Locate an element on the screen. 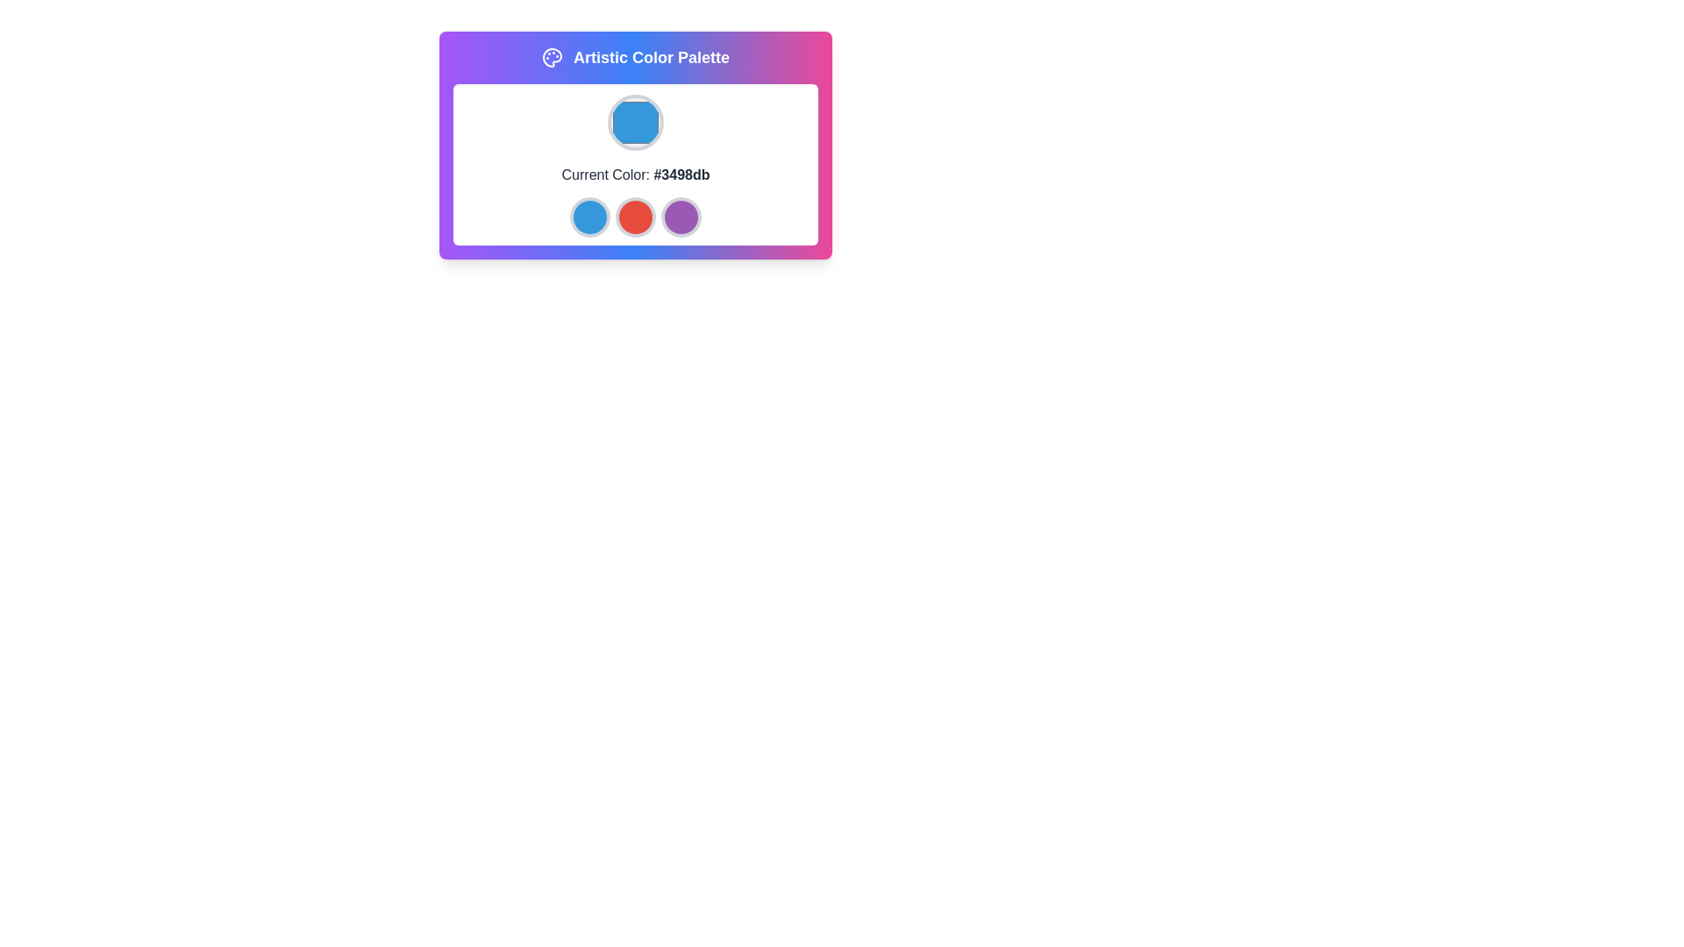 Image resolution: width=1684 pixels, height=947 pixels. the interactive color display component that shows the currently selected color and its hexadecimal code is located at coordinates (634, 144).